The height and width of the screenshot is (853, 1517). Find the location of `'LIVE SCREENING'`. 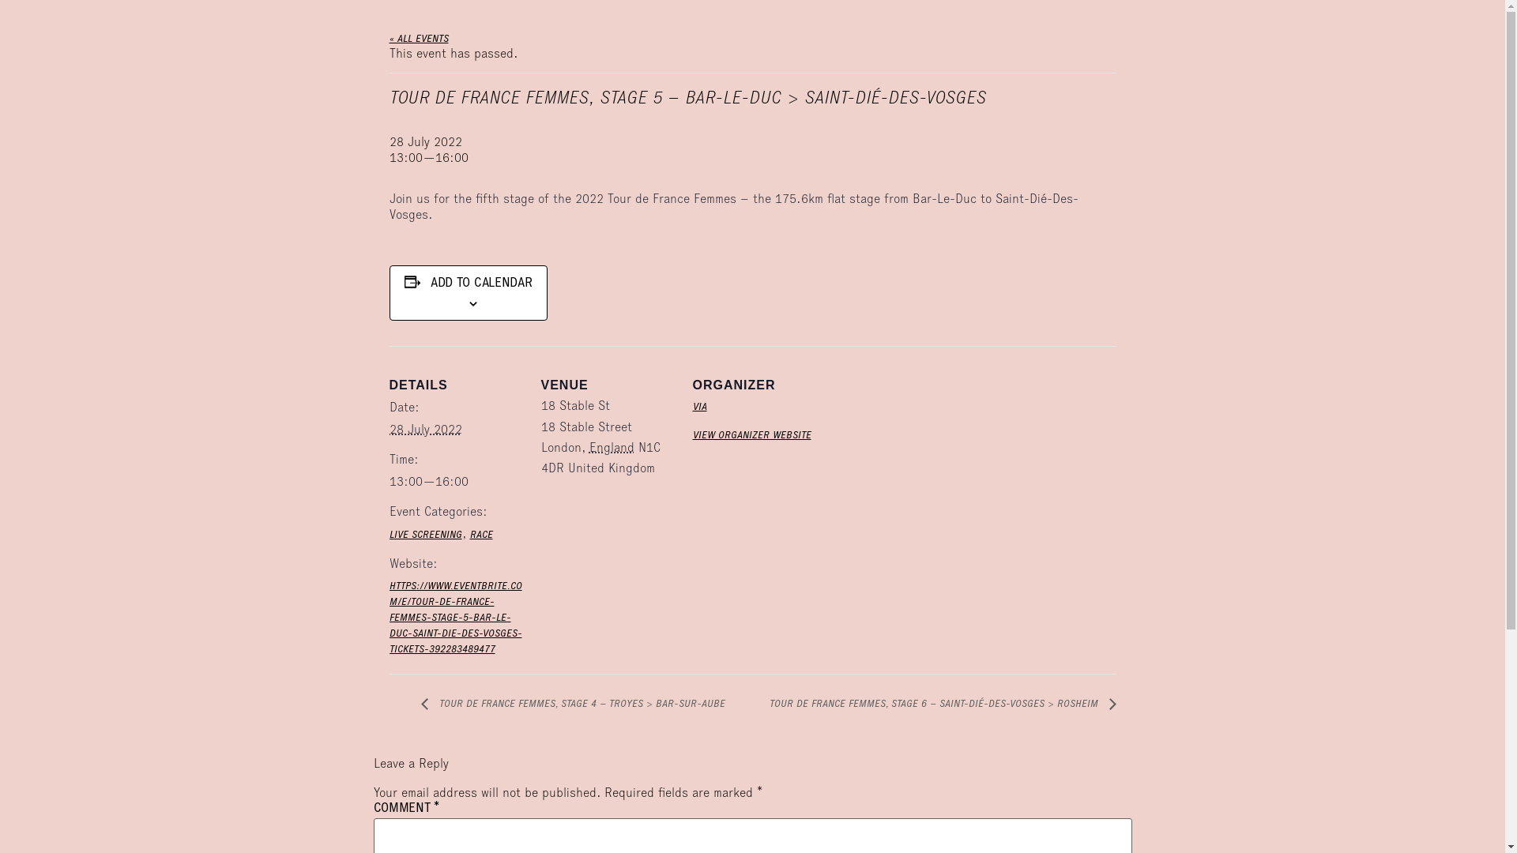

'LIVE SCREENING' is located at coordinates (424, 535).